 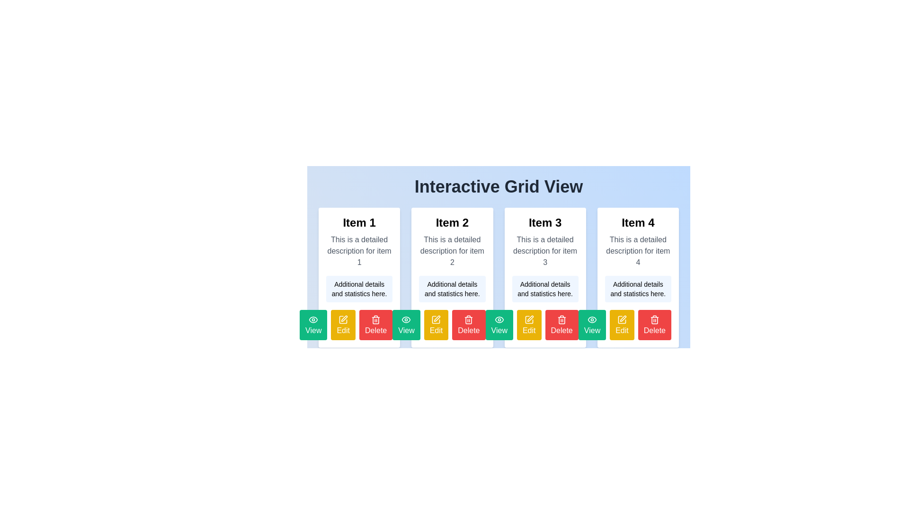 What do you see at coordinates (452, 251) in the screenshot?
I see `the description text block for 'Item 2', which is positioned directly below the title and above the additional details section in the second card of a horizontal grid layout` at bounding box center [452, 251].